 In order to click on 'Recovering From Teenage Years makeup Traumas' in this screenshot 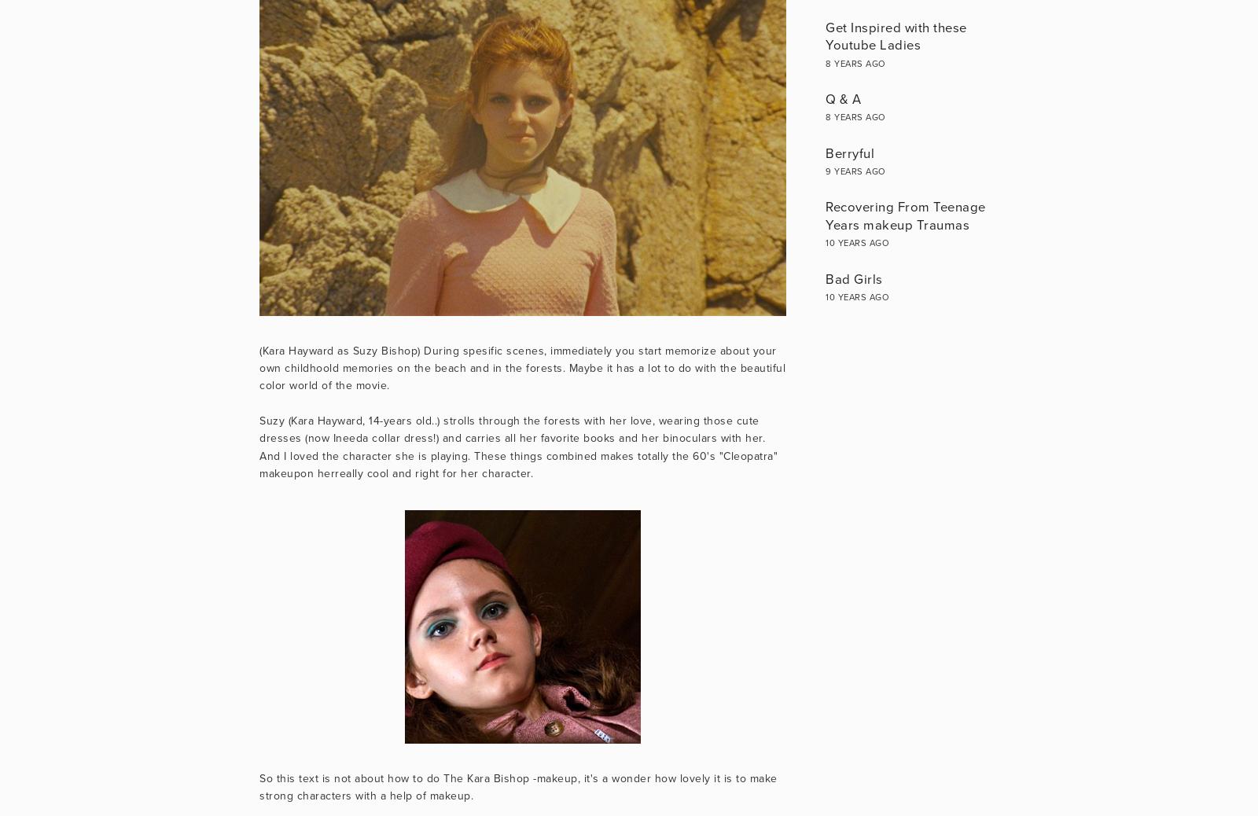, I will do `click(905, 215)`.